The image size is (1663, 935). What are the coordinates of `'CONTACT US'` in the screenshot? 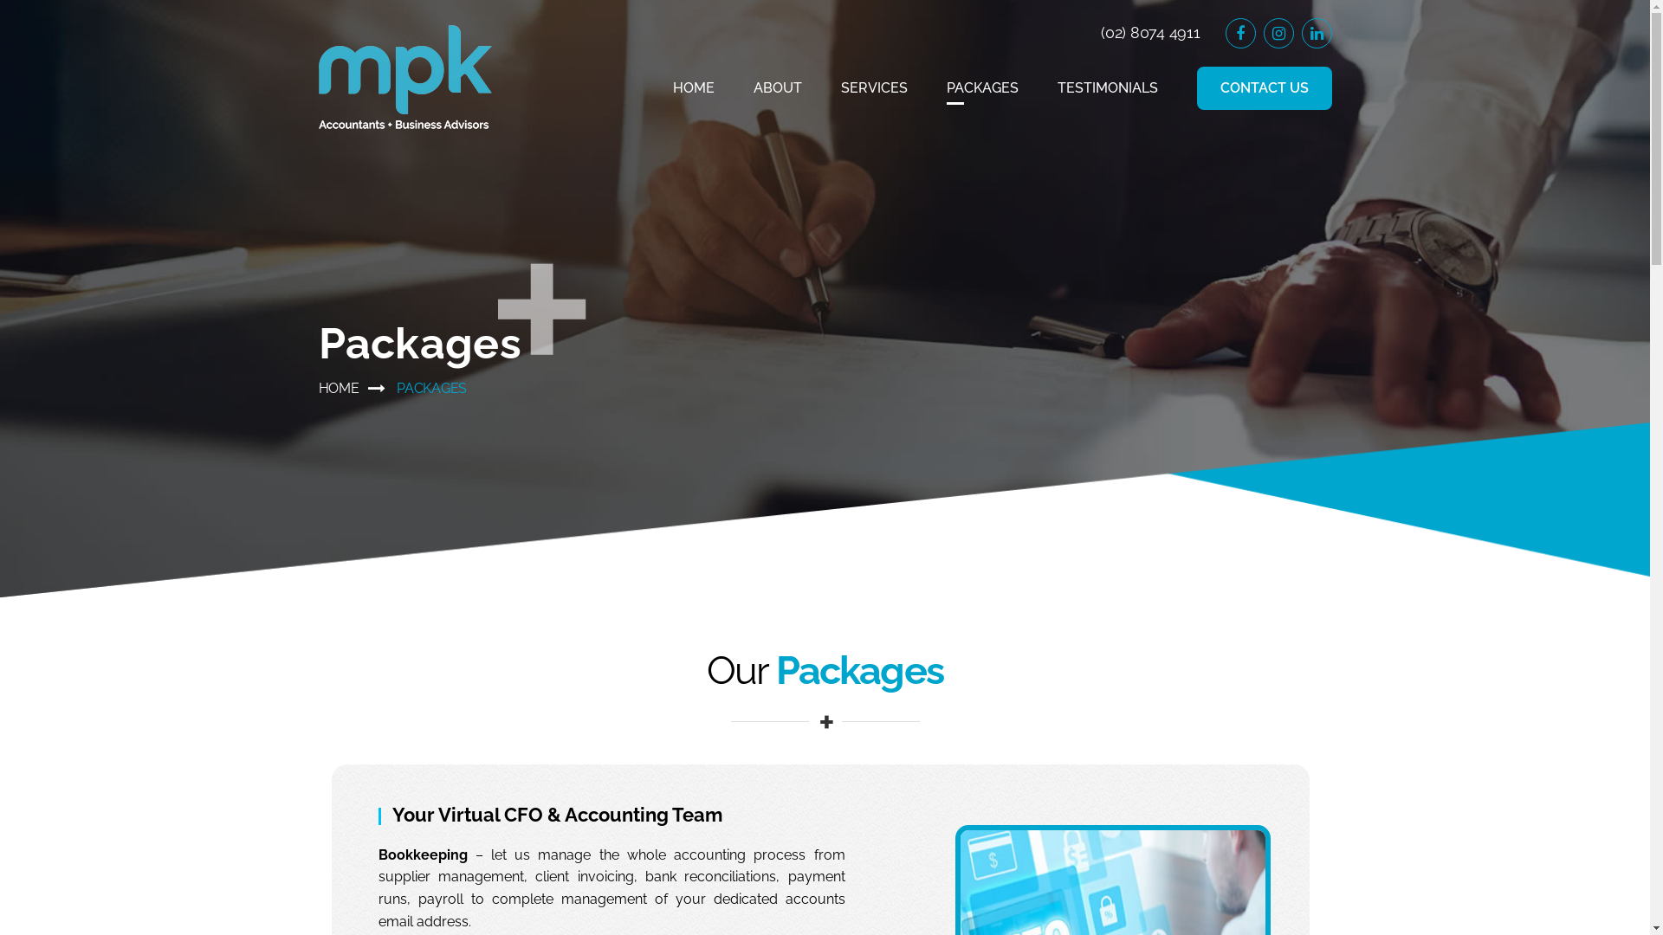 It's located at (1264, 87).